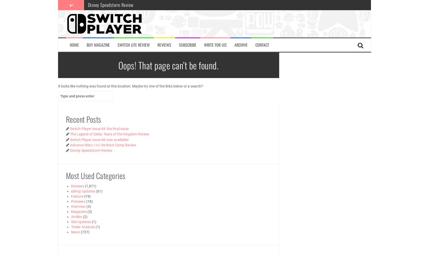  Describe the element at coordinates (78, 211) in the screenshot. I see `'Magazine'` at that location.